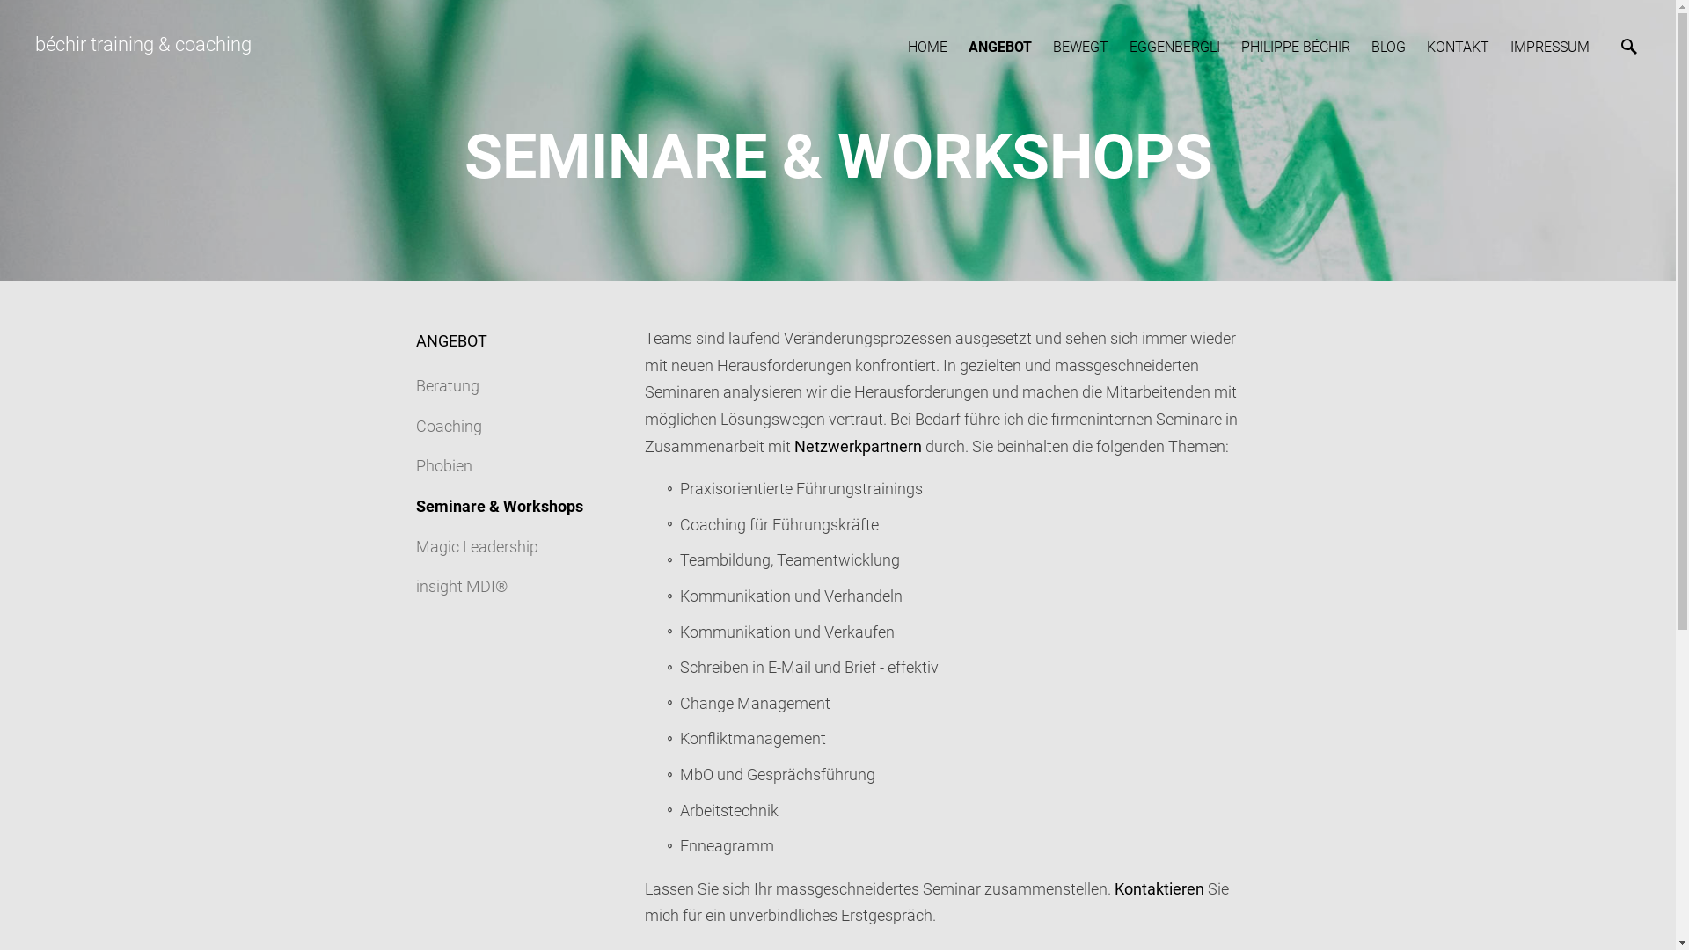  What do you see at coordinates (1458, 46) in the screenshot?
I see `'KONTAKT'` at bounding box center [1458, 46].